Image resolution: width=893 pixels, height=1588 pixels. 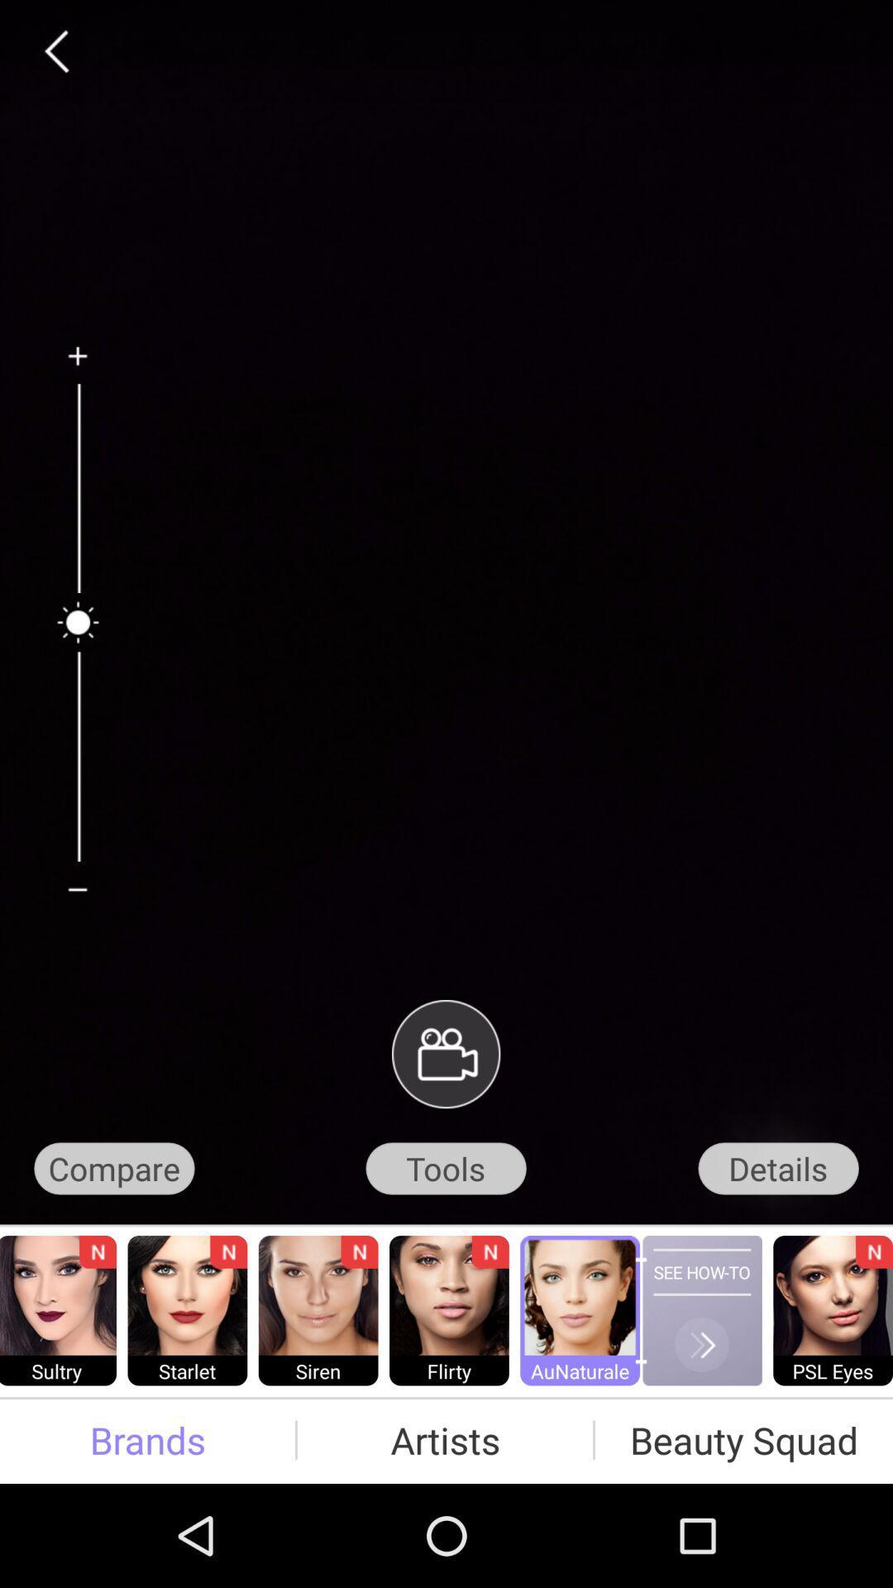 What do you see at coordinates (445, 1127) in the screenshot?
I see `the videocam icon` at bounding box center [445, 1127].